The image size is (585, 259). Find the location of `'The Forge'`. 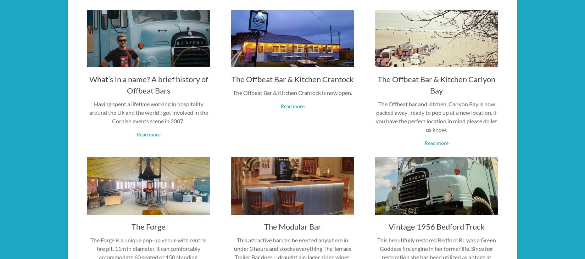

'The Forge' is located at coordinates (148, 226).